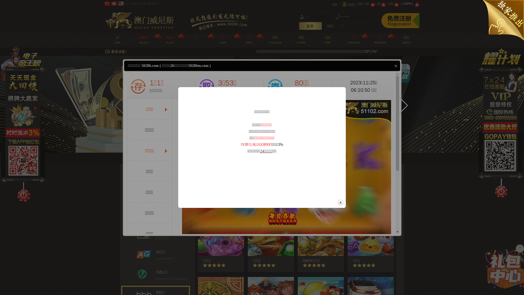 Image resolution: width=524 pixels, height=295 pixels. I want to click on 'close', so click(396, 65).